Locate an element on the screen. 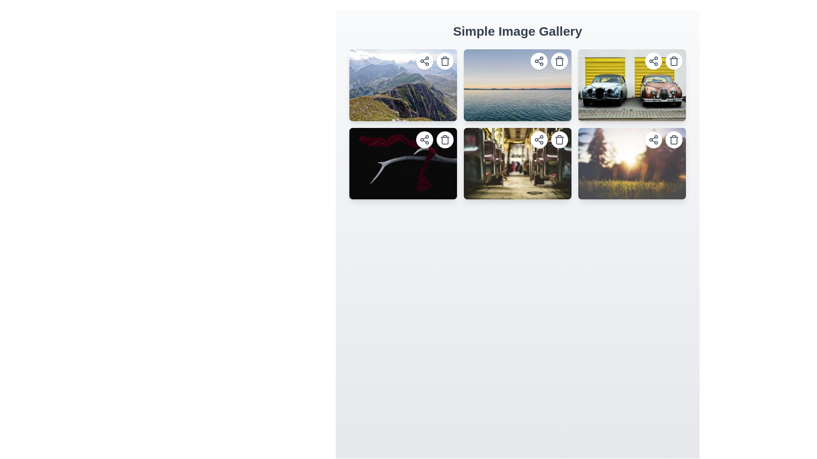  the delete button located at the top-right corner of the image with a black background and red ribbon is located at coordinates (435, 139).